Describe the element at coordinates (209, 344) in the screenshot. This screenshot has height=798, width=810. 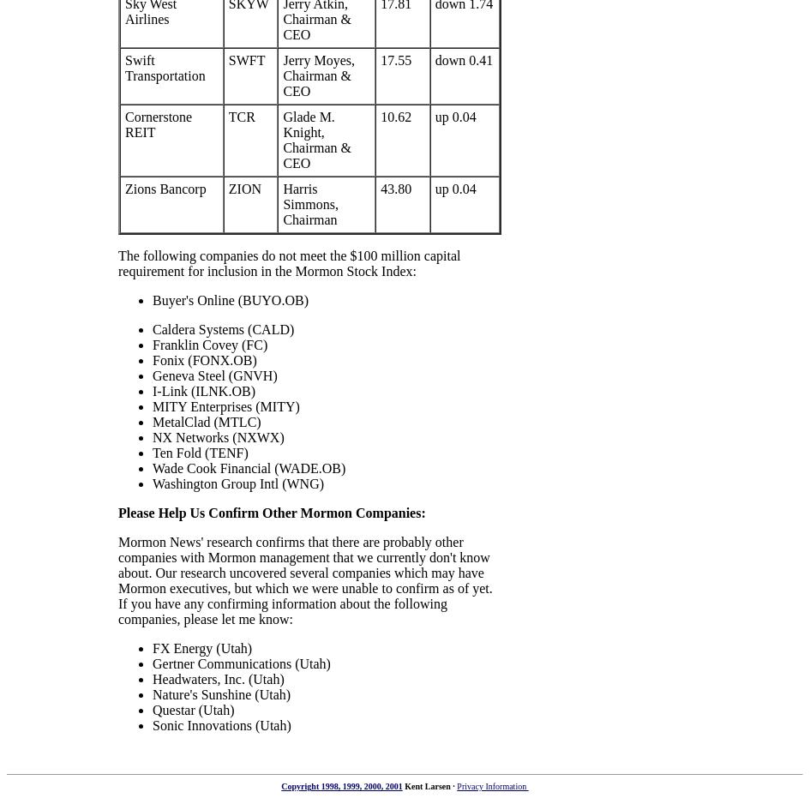
I see `'Franklin Covey (FC)'` at that location.